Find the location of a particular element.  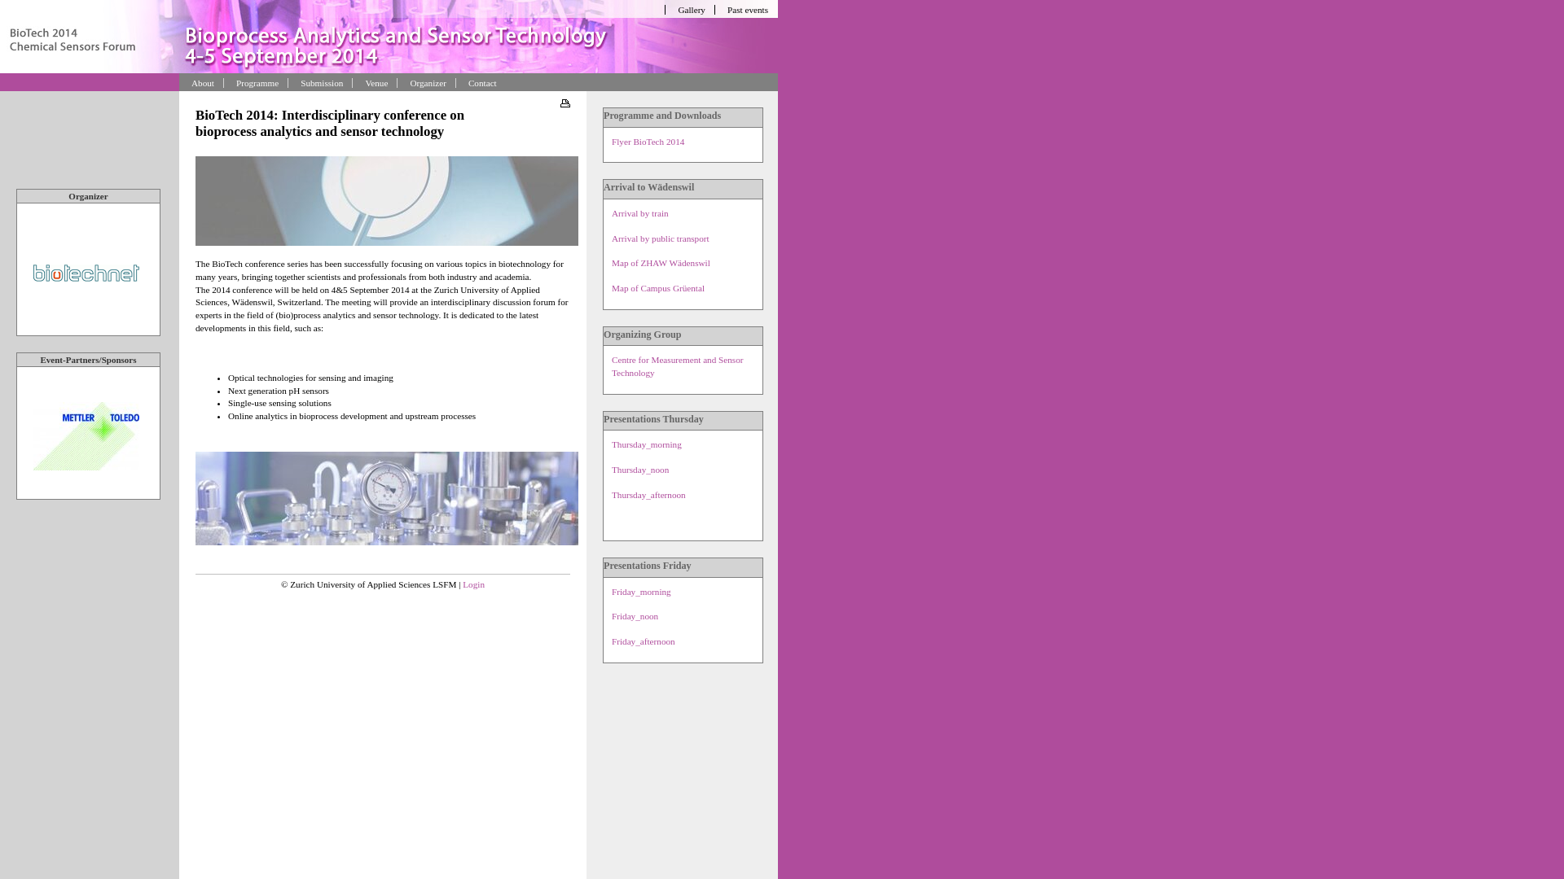

'Thursday_noon' is located at coordinates (639, 470).